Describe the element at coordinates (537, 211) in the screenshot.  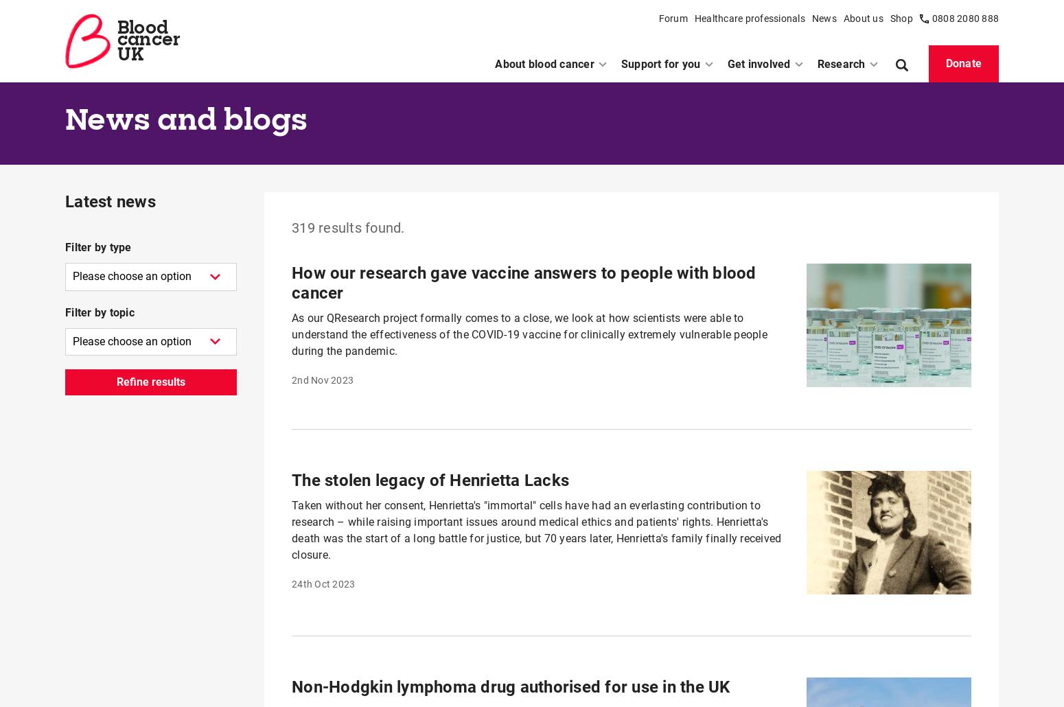
I see `'David Lauder has completed his 19th Great North Run in support of blood cancer research. He's seeking to raise awareness of blood cancer by telling his story – without the jargon – and hopes to demonstrate that the dark times can be overcome by anyone.'` at that location.